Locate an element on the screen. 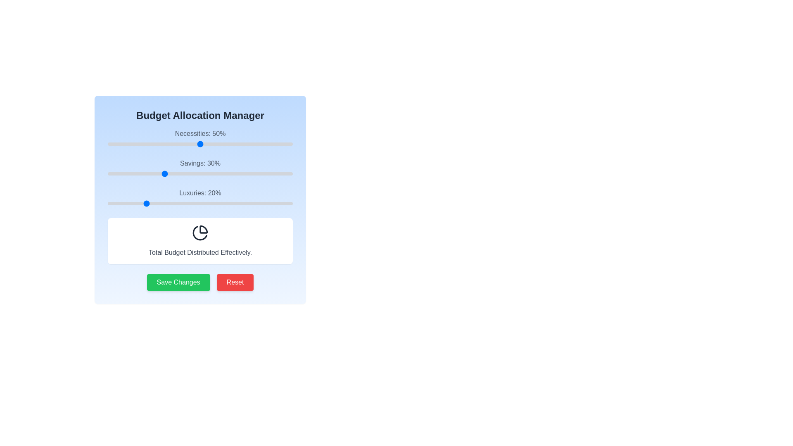 The width and height of the screenshot is (793, 446). luxuries percentage is located at coordinates (265, 204).